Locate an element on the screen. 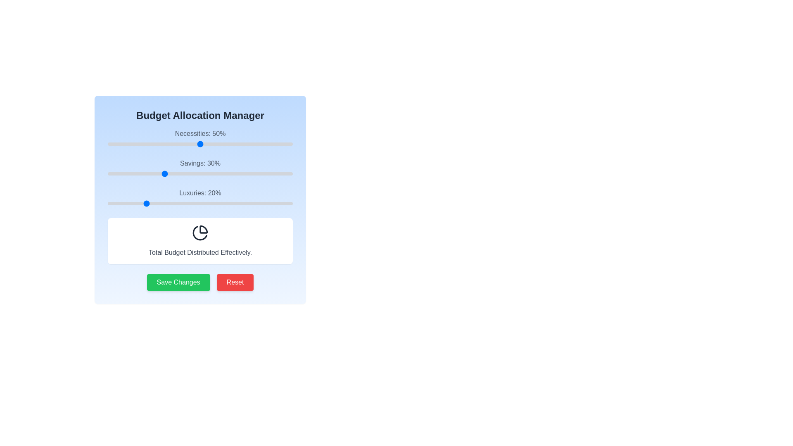 The width and height of the screenshot is (793, 446). luxuries percentage is located at coordinates (265, 204).